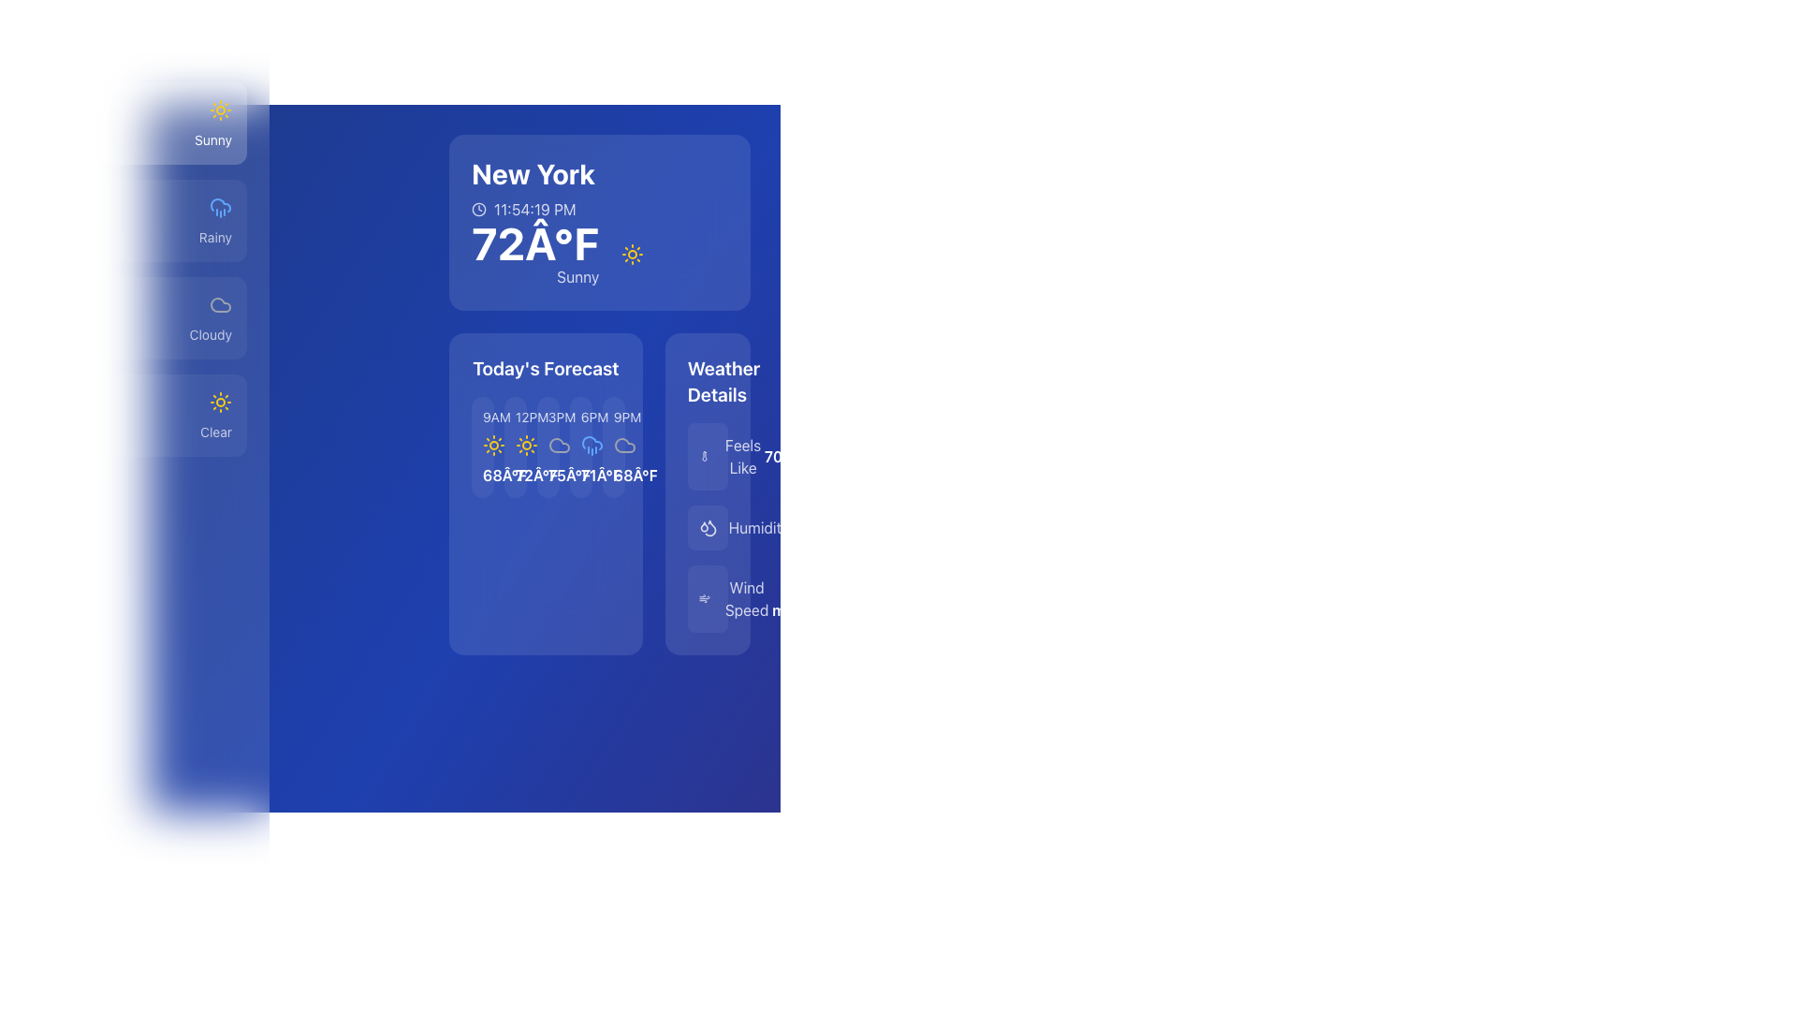 The height and width of the screenshot is (1011, 1797). Describe the element at coordinates (704, 457) in the screenshot. I see `the 'Feels Like' weather icon located in the sidebar section labeled 'Weather Details', positioned to the left of the 'Feels Like' text label and above the 'Humidity' section` at that location.